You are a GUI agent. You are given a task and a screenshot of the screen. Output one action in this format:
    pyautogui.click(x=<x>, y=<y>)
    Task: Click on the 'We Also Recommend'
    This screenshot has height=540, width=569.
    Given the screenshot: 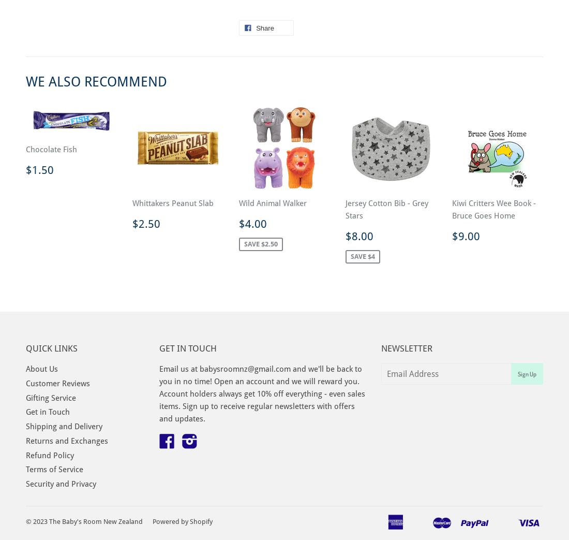 What is the action you would take?
    pyautogui.click(x=96, y=80)
    